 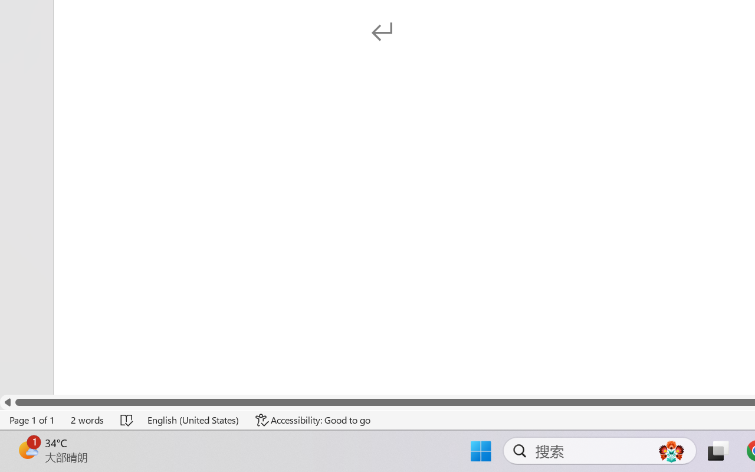 What do you see at coordinates (27, 450) in the screenshot?
I see `'AutomationID: BadgeAnchorLargeTicker'` at bounding box center [27, 450].